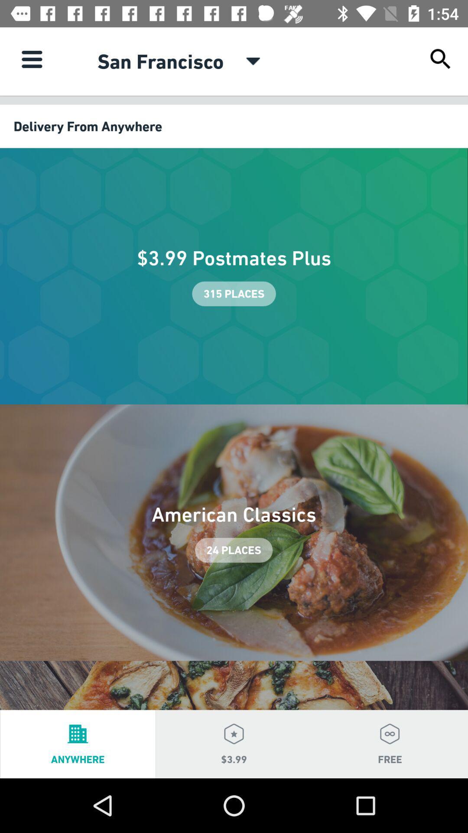 The image size is (468, 833). Describe the element at coordinates (31, 59) in the screenshot. I see `item at the top left corner` at that location.